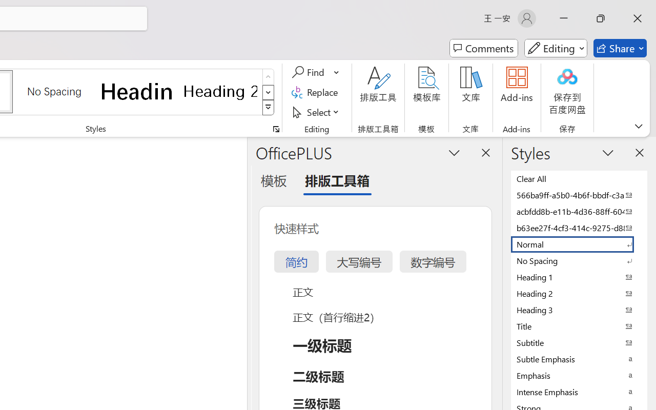 The width and height of the screenshot is (656, 410). Describe the element at coordinates (220, 91) in the screenshot. I see `'Heading 2'` at that location.